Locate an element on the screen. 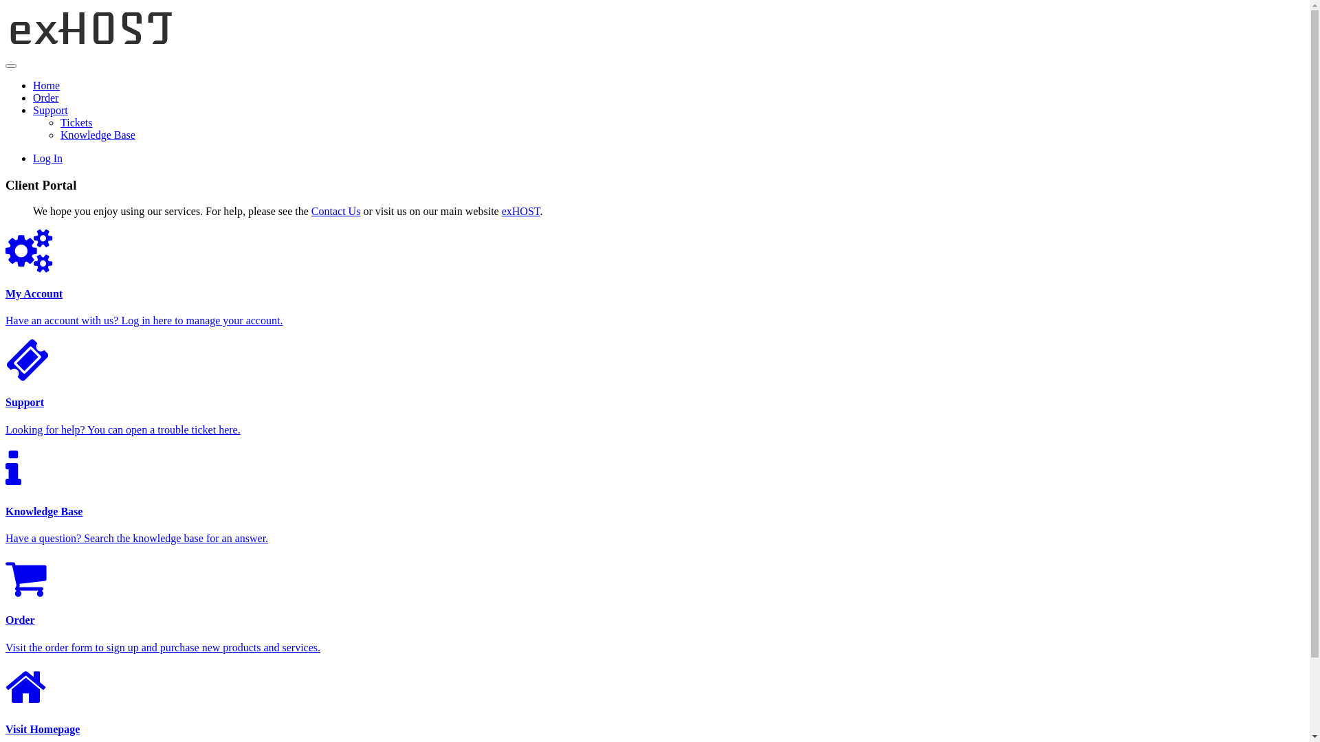 The width and height of the screenshot is (1320, 742). 'Toggle Navigation' is located at coordinates (10, 66).